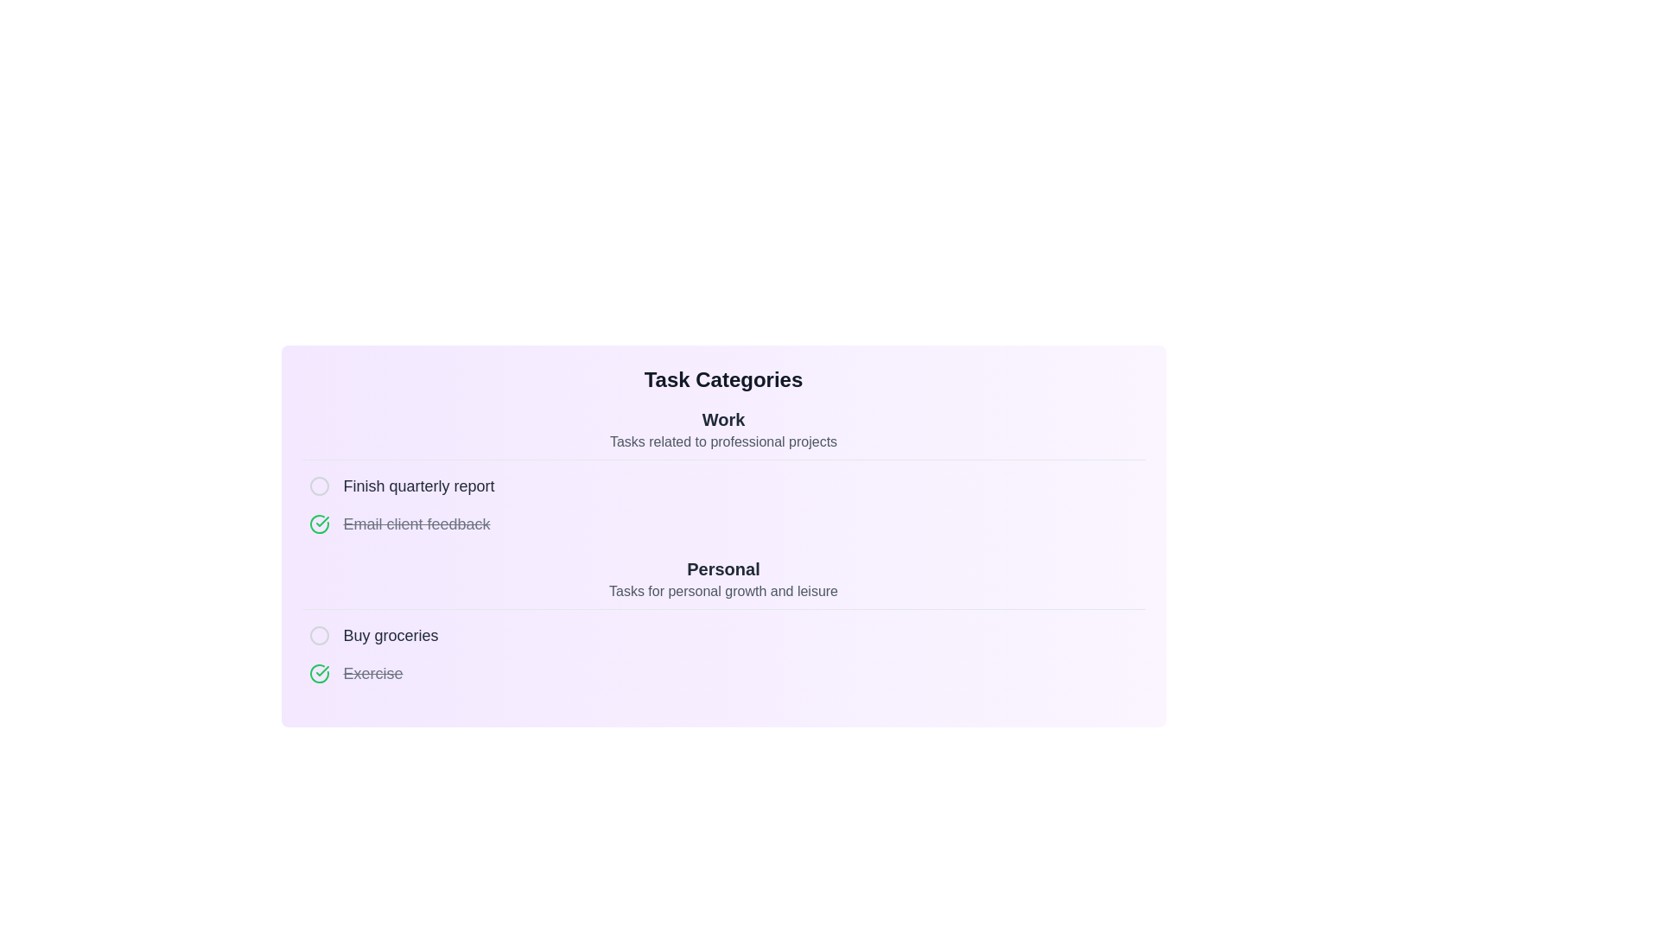  Describe the element at coordinates (416, 523) in the screenshot. I see `the Text label that displays the name of a completed task, indicated by a strikethrough, which is located within a task item group following an interactive checkbox` at that location.